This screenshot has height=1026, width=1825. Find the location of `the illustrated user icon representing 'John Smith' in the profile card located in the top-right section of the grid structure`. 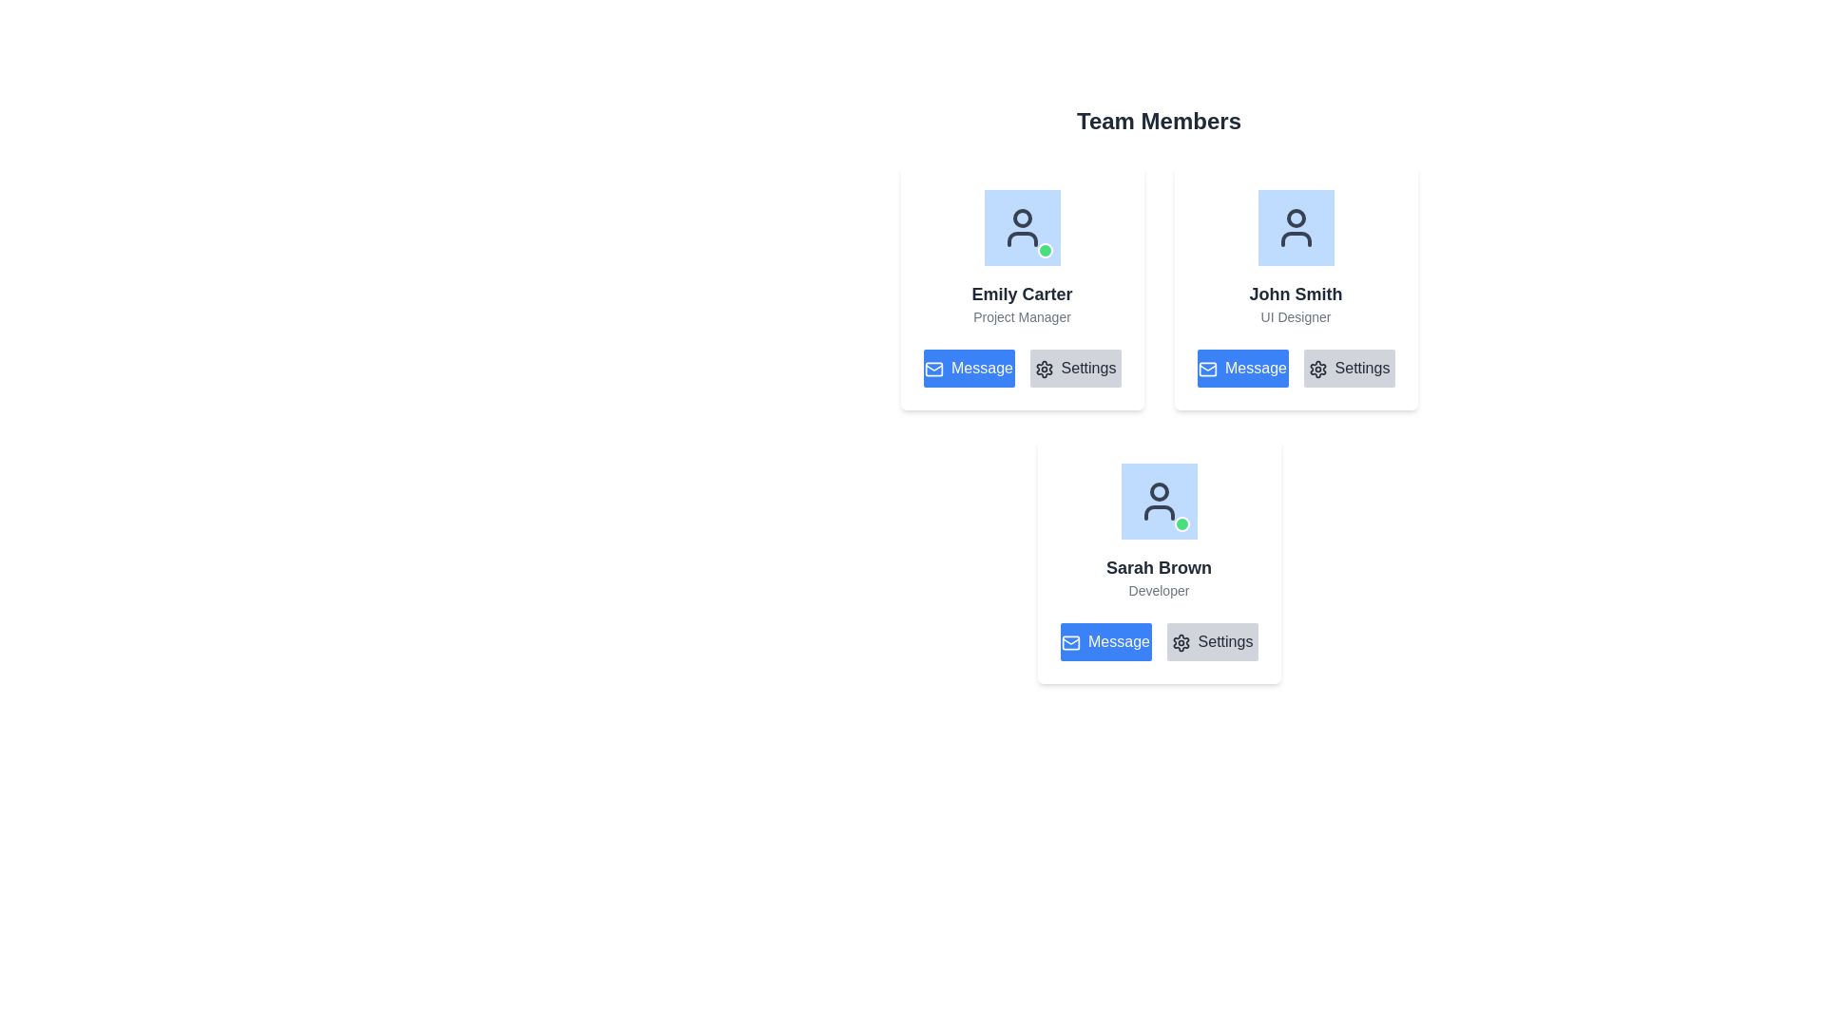

the illustrated user icon representing 'John Smith' in the profile card located in the top-right section of the grid structure is located at coordinates (1295, 226).